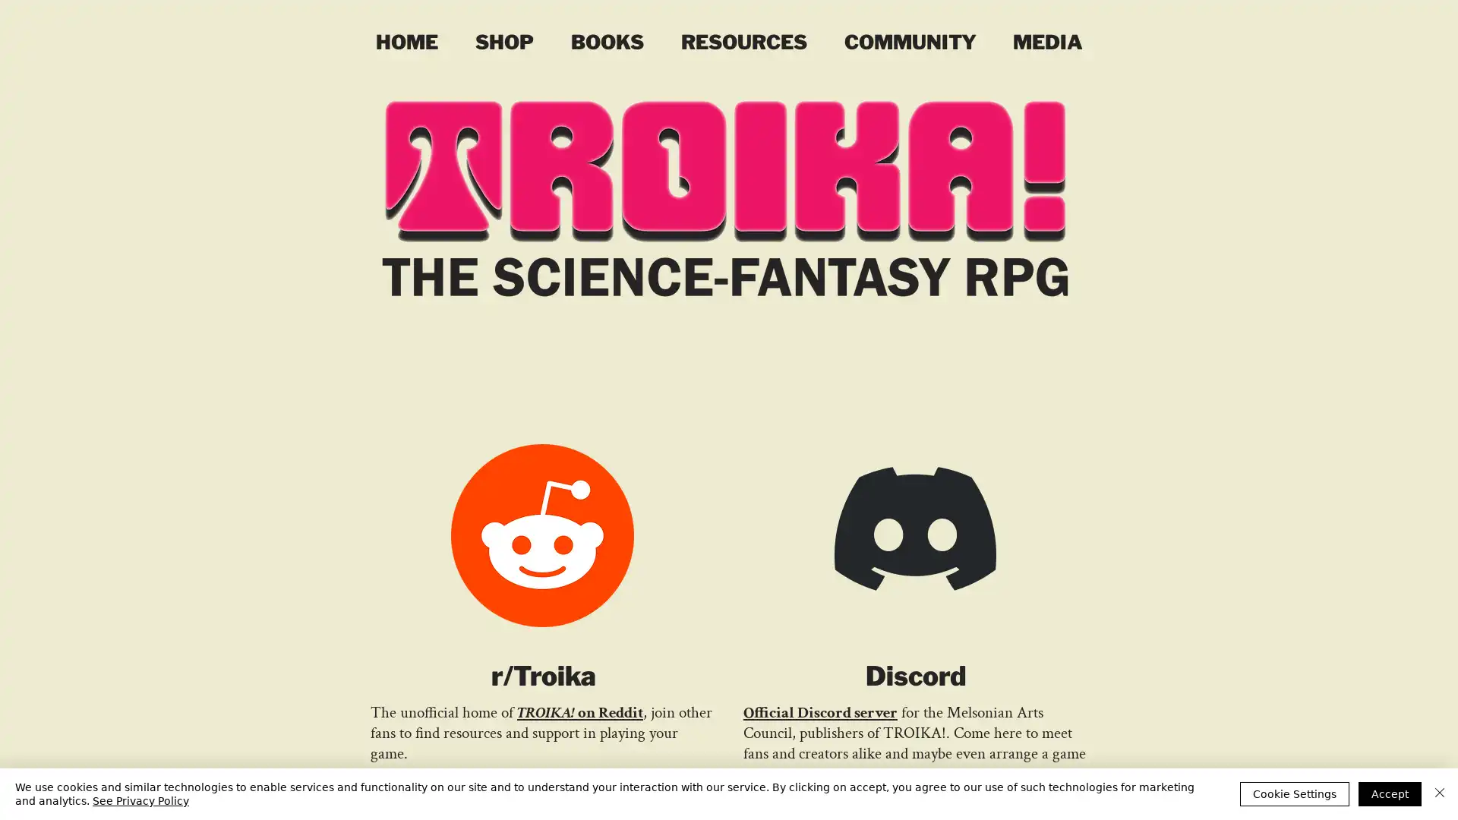  Describe the element at coordinates (1390, 793) in the screenshot. I see `Accept` at that location.